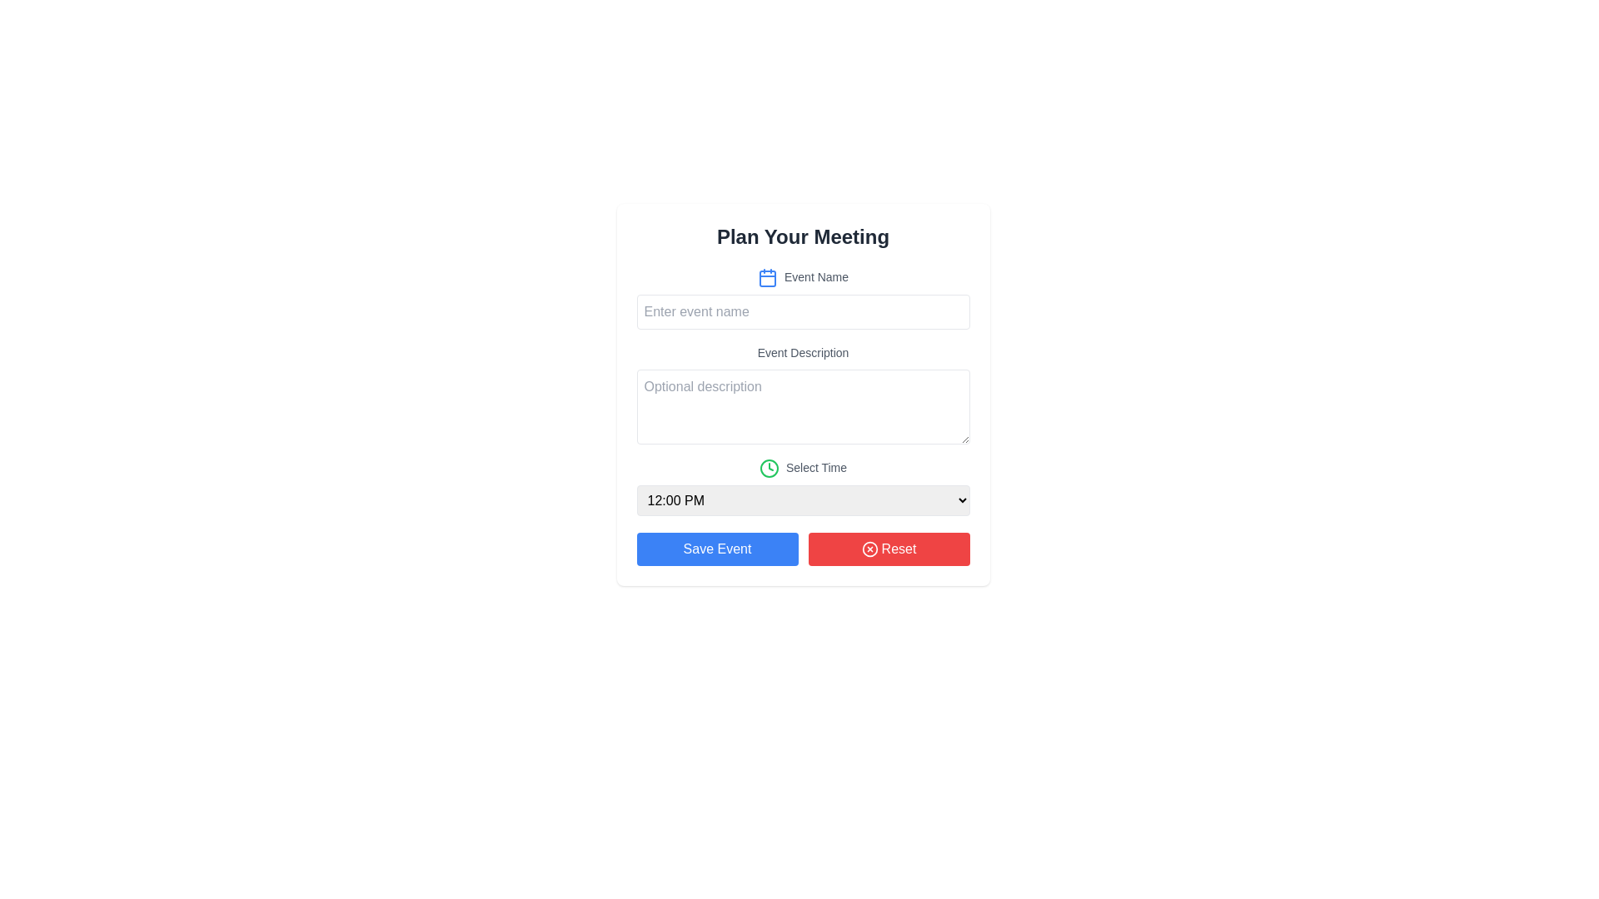  Describe the element at coordinates (766, 277) in the screenshot. I see `the inner rectangular icon within the blue calendar icon, located just before the 'Event Name' input field` at that location.